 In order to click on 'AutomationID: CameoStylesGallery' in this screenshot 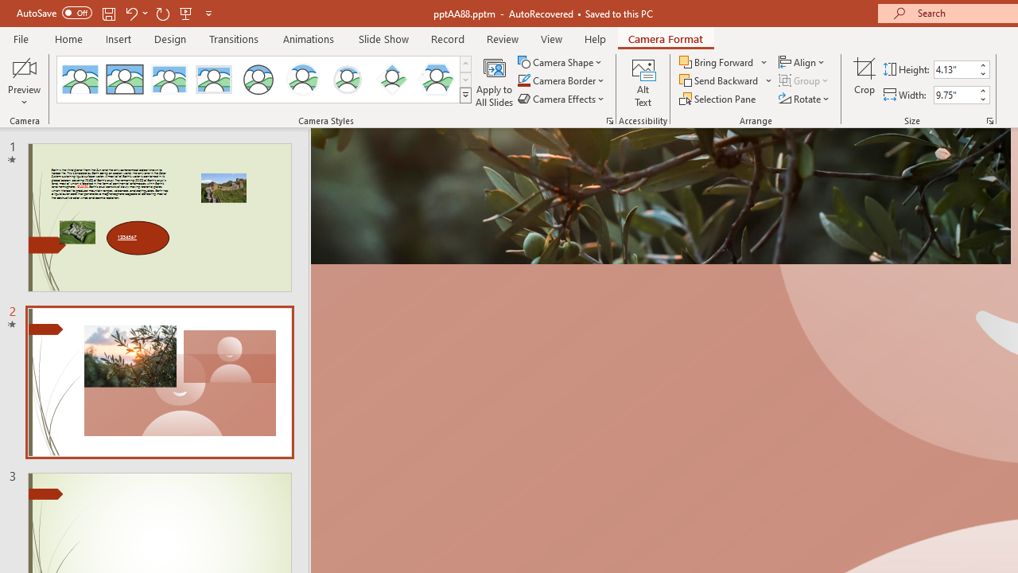, I will do `click(265, 80)`.